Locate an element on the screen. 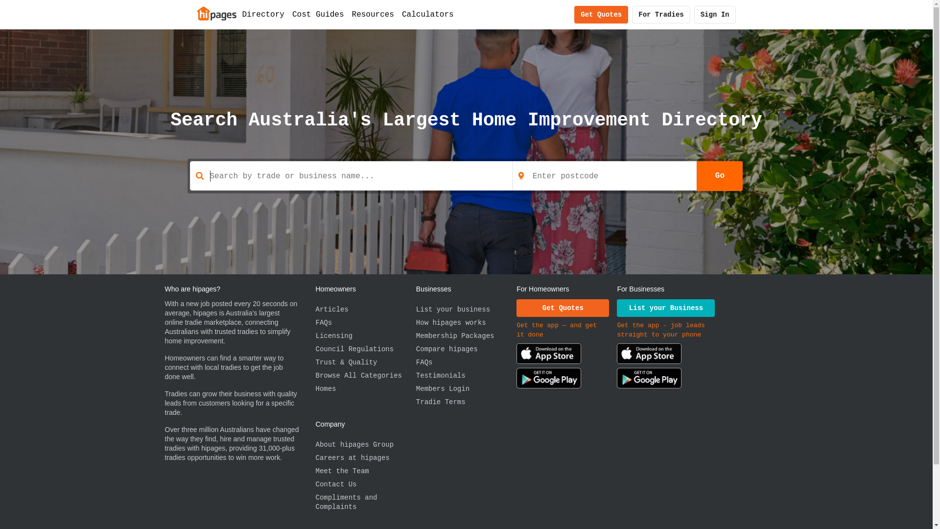  'Trust & Quality' is located at coordinates (365, 362).